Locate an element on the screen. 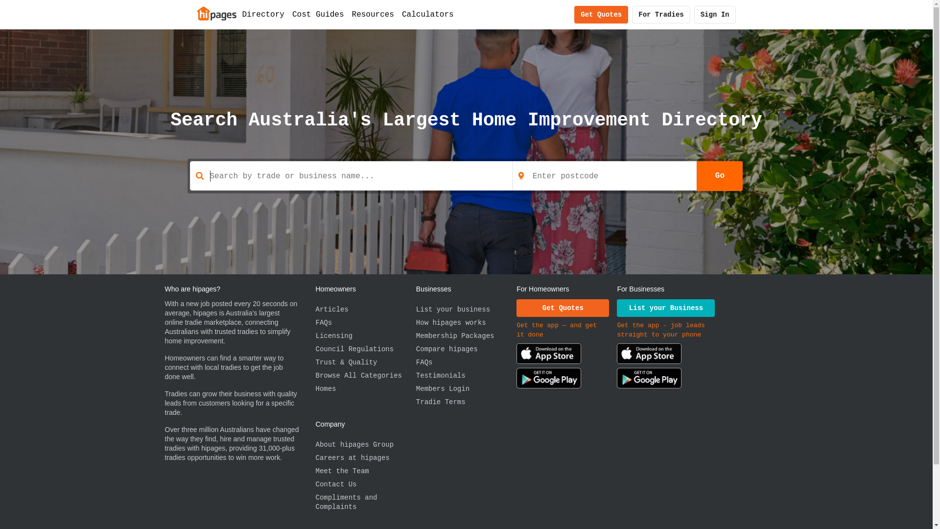  'Trust & Quality' is located at coordinates (365, 362).